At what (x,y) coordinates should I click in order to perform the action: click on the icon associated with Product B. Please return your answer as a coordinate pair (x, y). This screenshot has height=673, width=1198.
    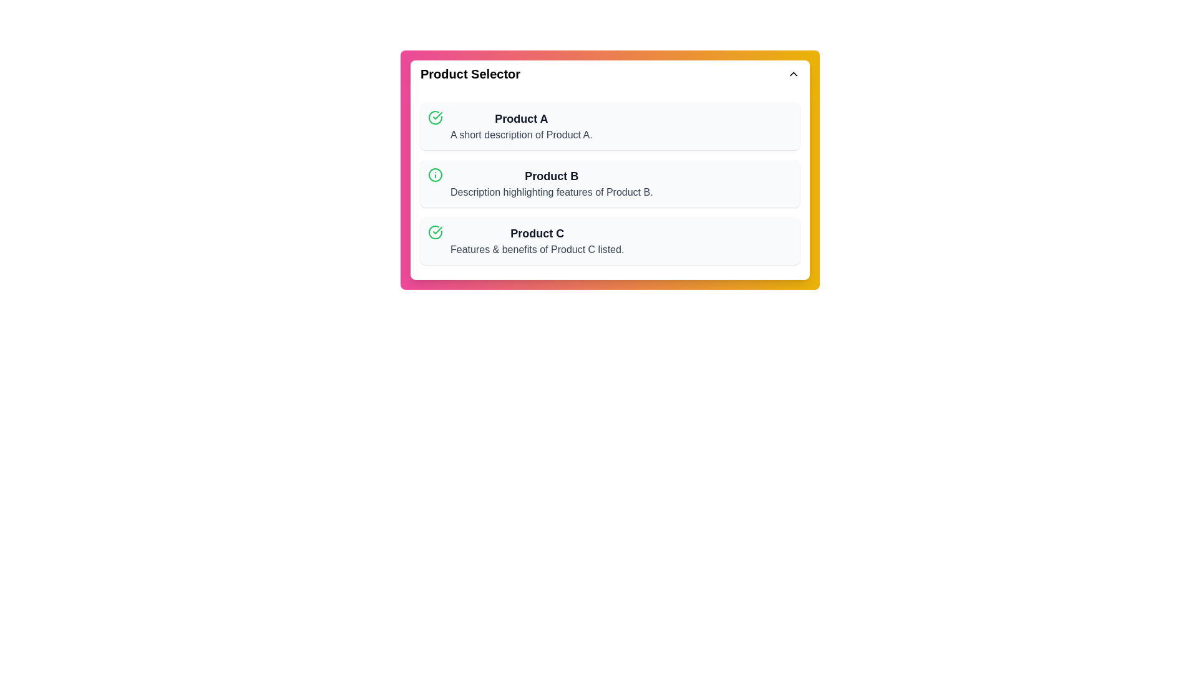
    Looking at the image, I should click on (435, 175).